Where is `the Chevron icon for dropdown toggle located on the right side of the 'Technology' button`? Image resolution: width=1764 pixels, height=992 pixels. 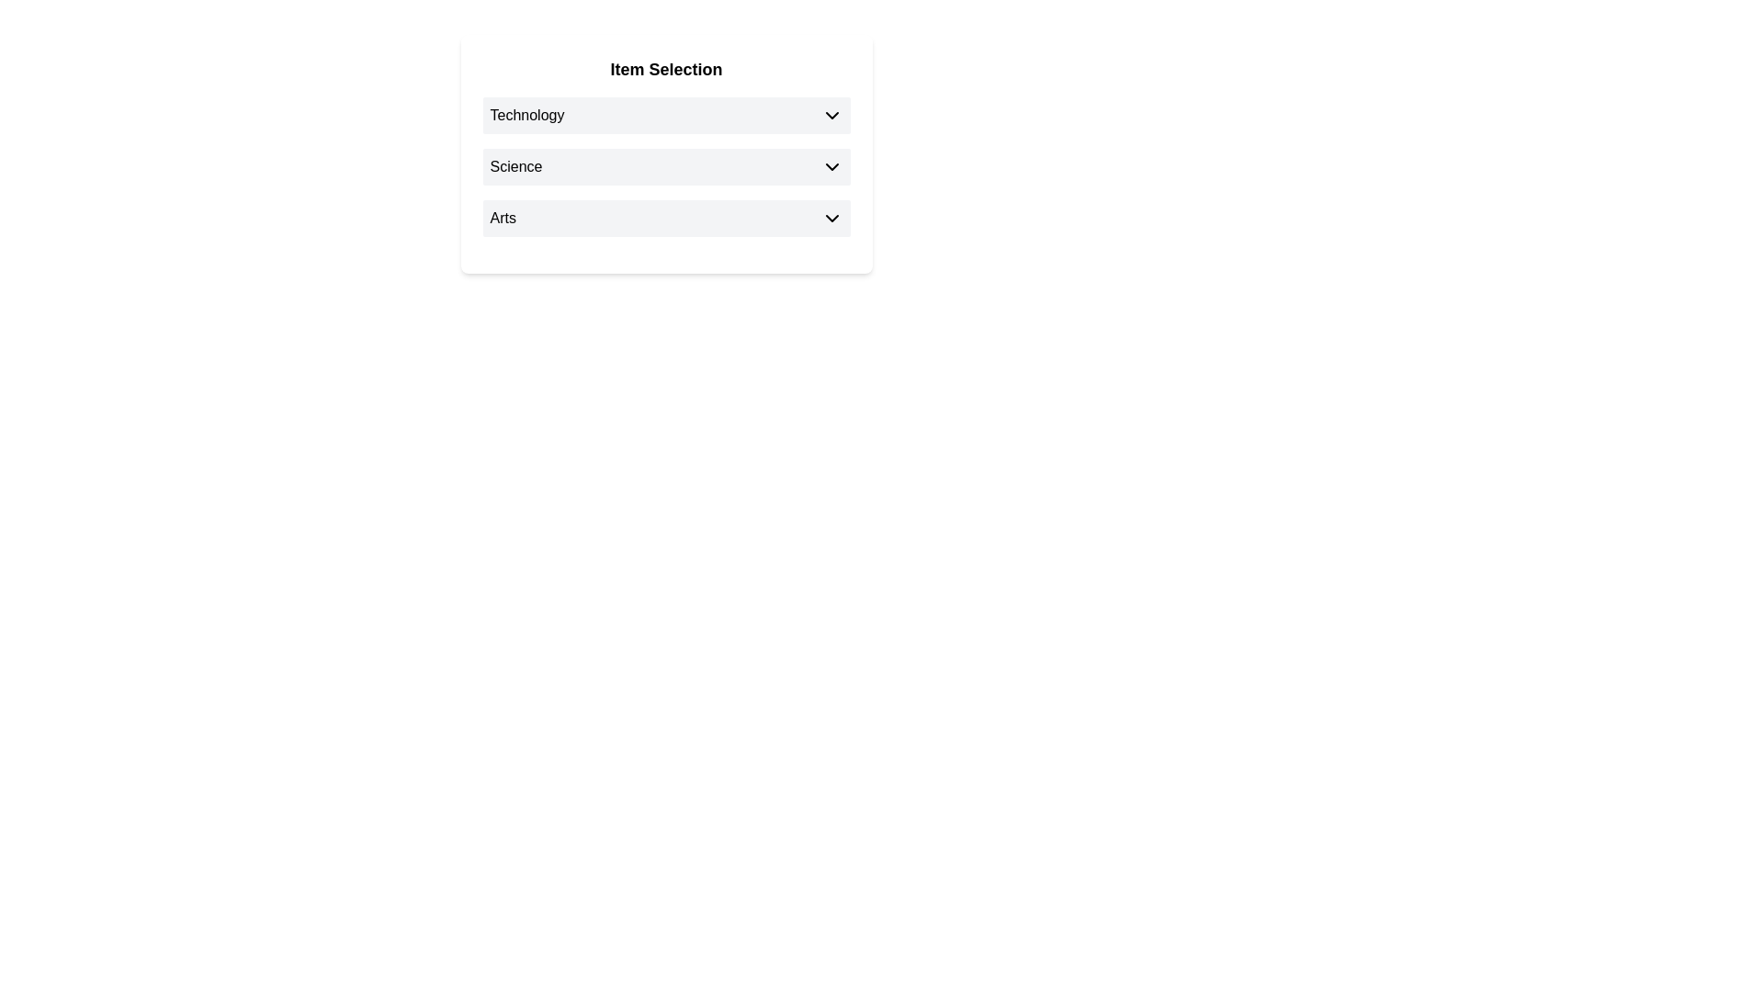 the Chevron icon for dropdown toggle located on the right side of the 'Technology' button is located at coordinates (831, 116).